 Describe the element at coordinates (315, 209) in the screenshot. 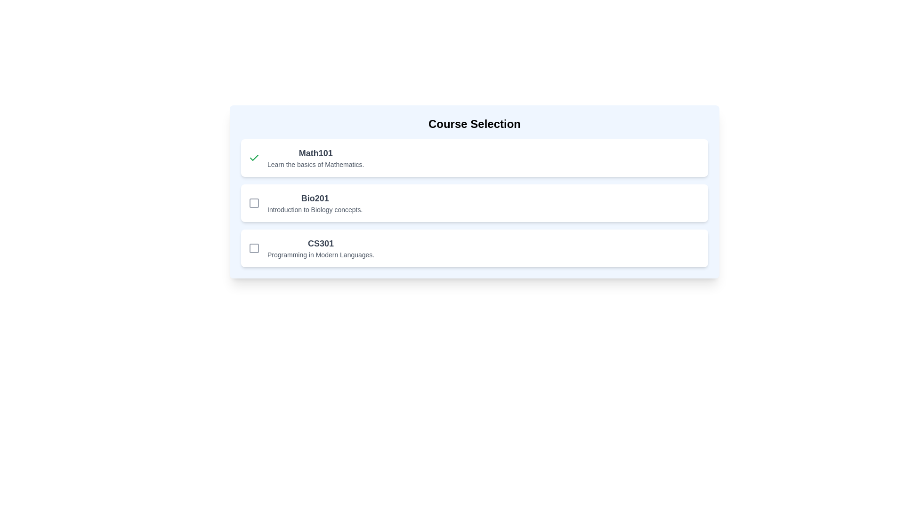

I see `the informative description text for the course 'Bio201', which is the second and smaller textual item directly below the title in the section labeled 'Bio201'` at that location.